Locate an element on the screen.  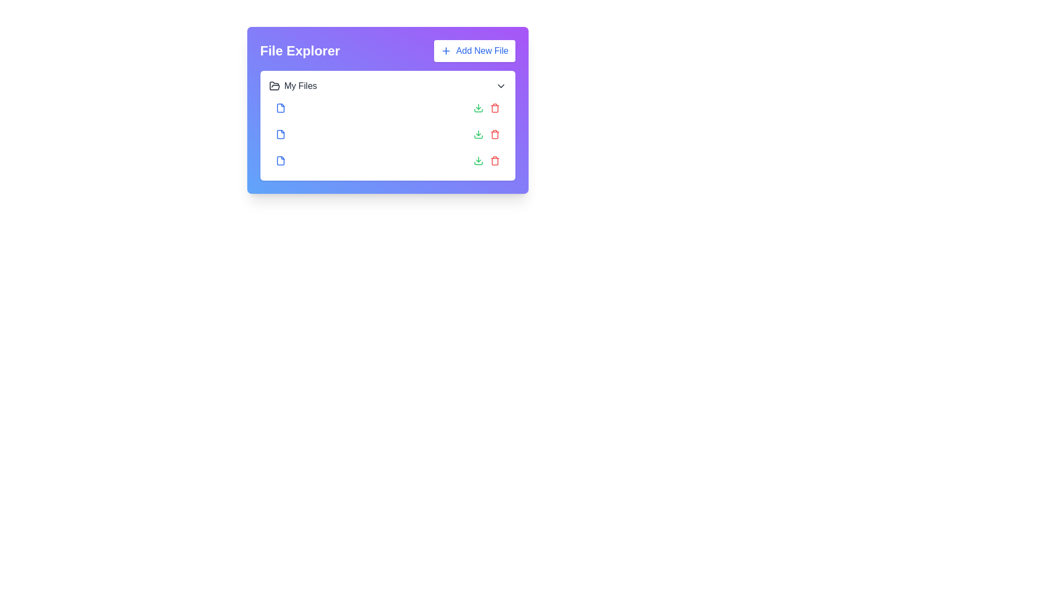
the file icon representing the third file entry is located at coordinates (280, 161).